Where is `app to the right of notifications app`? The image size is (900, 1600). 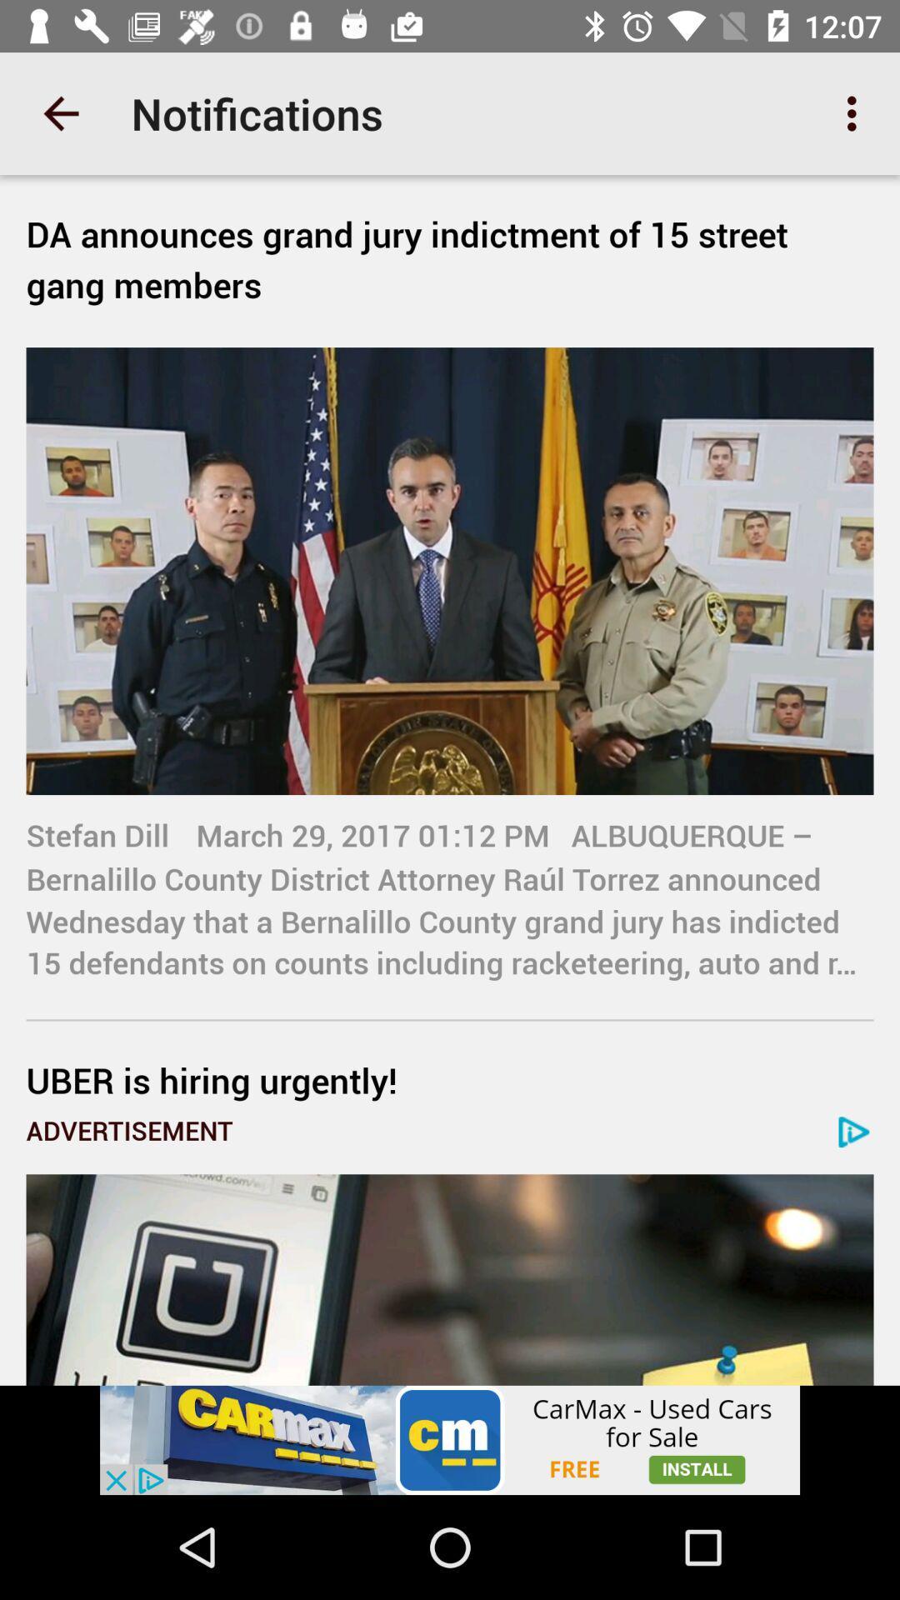
app to the right of notifications app is located at coordinates (856, 112).